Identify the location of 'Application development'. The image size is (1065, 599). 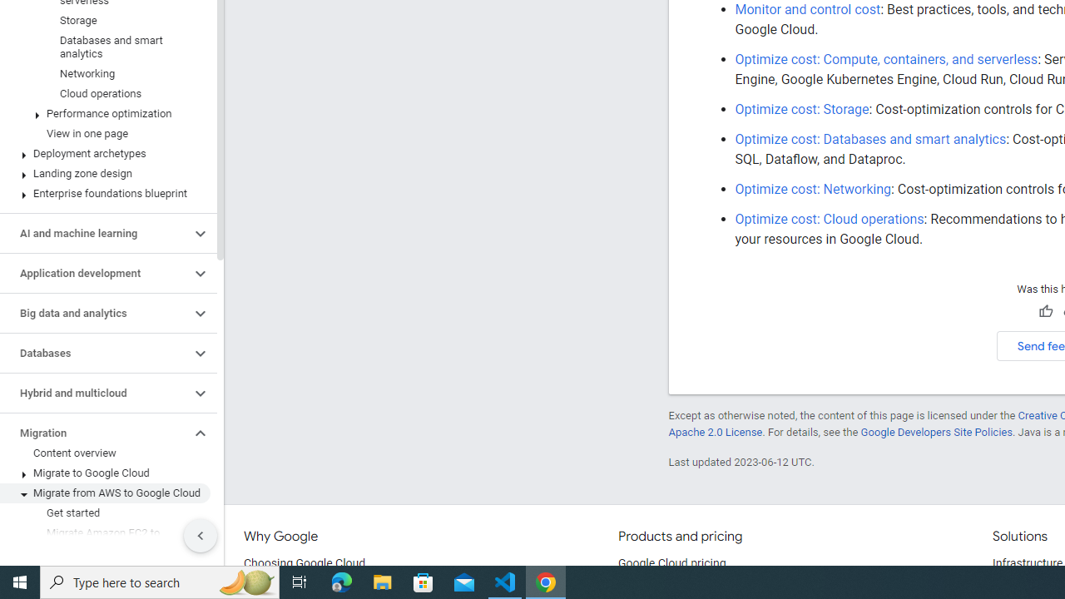
(94, 273).